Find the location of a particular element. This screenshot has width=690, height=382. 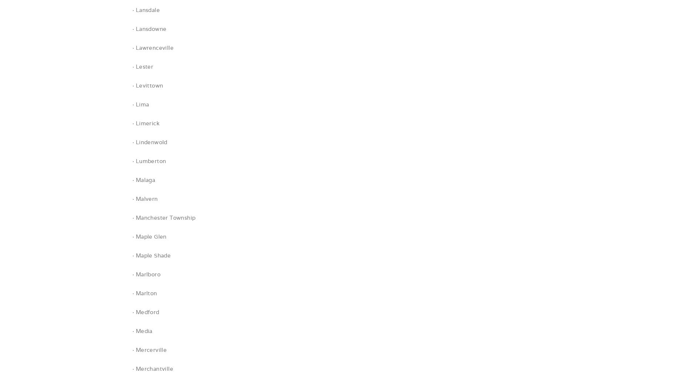

'· Media' is located at coordinates (142, 331).